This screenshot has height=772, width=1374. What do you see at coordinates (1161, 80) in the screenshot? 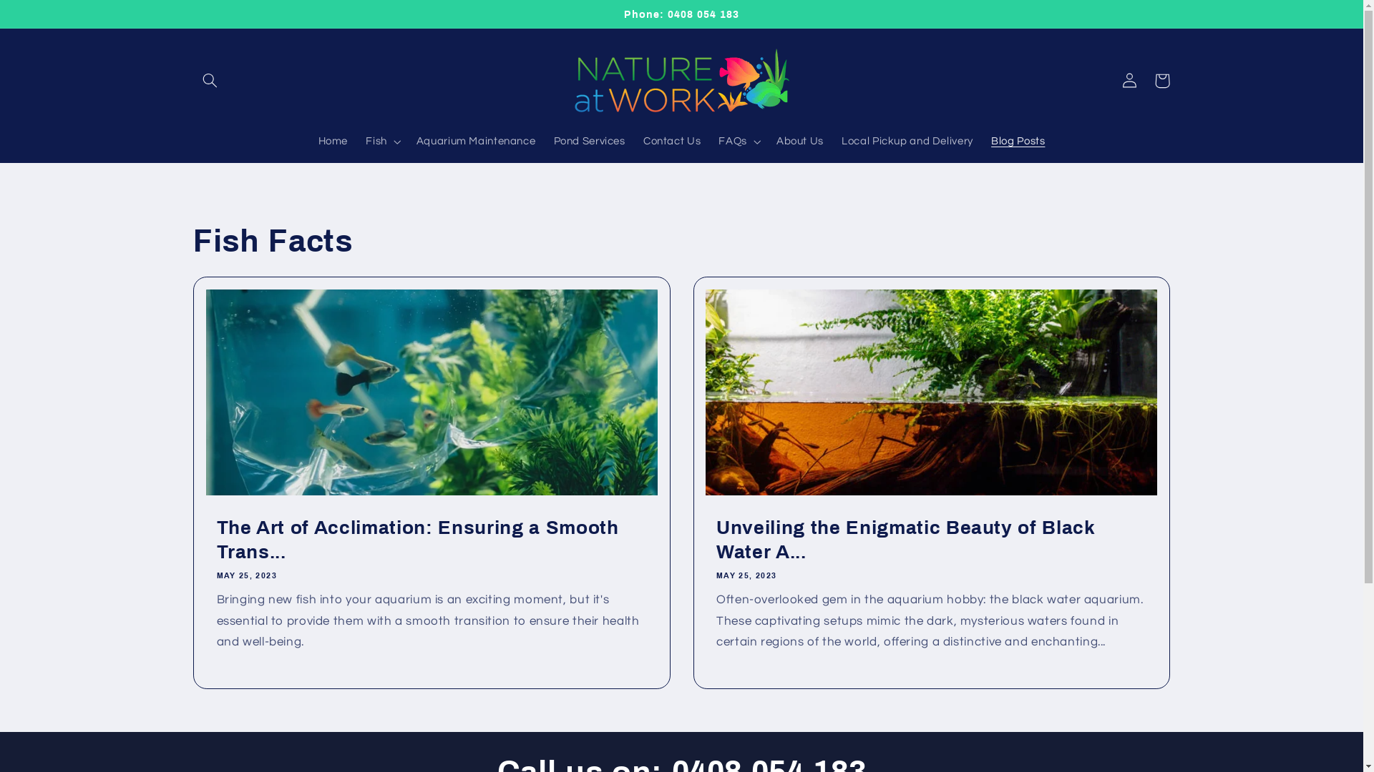
I see `'Cart'` at bounding box center [1161, 80].